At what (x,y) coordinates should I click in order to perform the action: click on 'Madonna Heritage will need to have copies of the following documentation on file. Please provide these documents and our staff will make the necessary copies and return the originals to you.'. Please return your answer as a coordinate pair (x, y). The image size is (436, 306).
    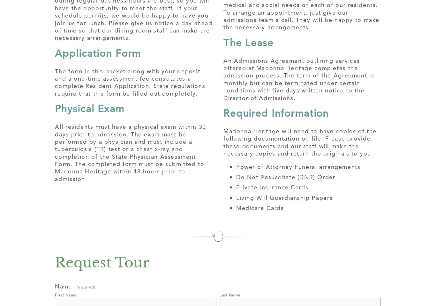
    Looking at the image, I should click on (301, 142).